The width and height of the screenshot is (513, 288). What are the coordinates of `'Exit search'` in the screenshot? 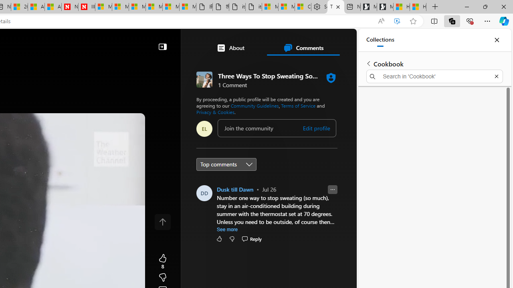 It's located at (496, 76).